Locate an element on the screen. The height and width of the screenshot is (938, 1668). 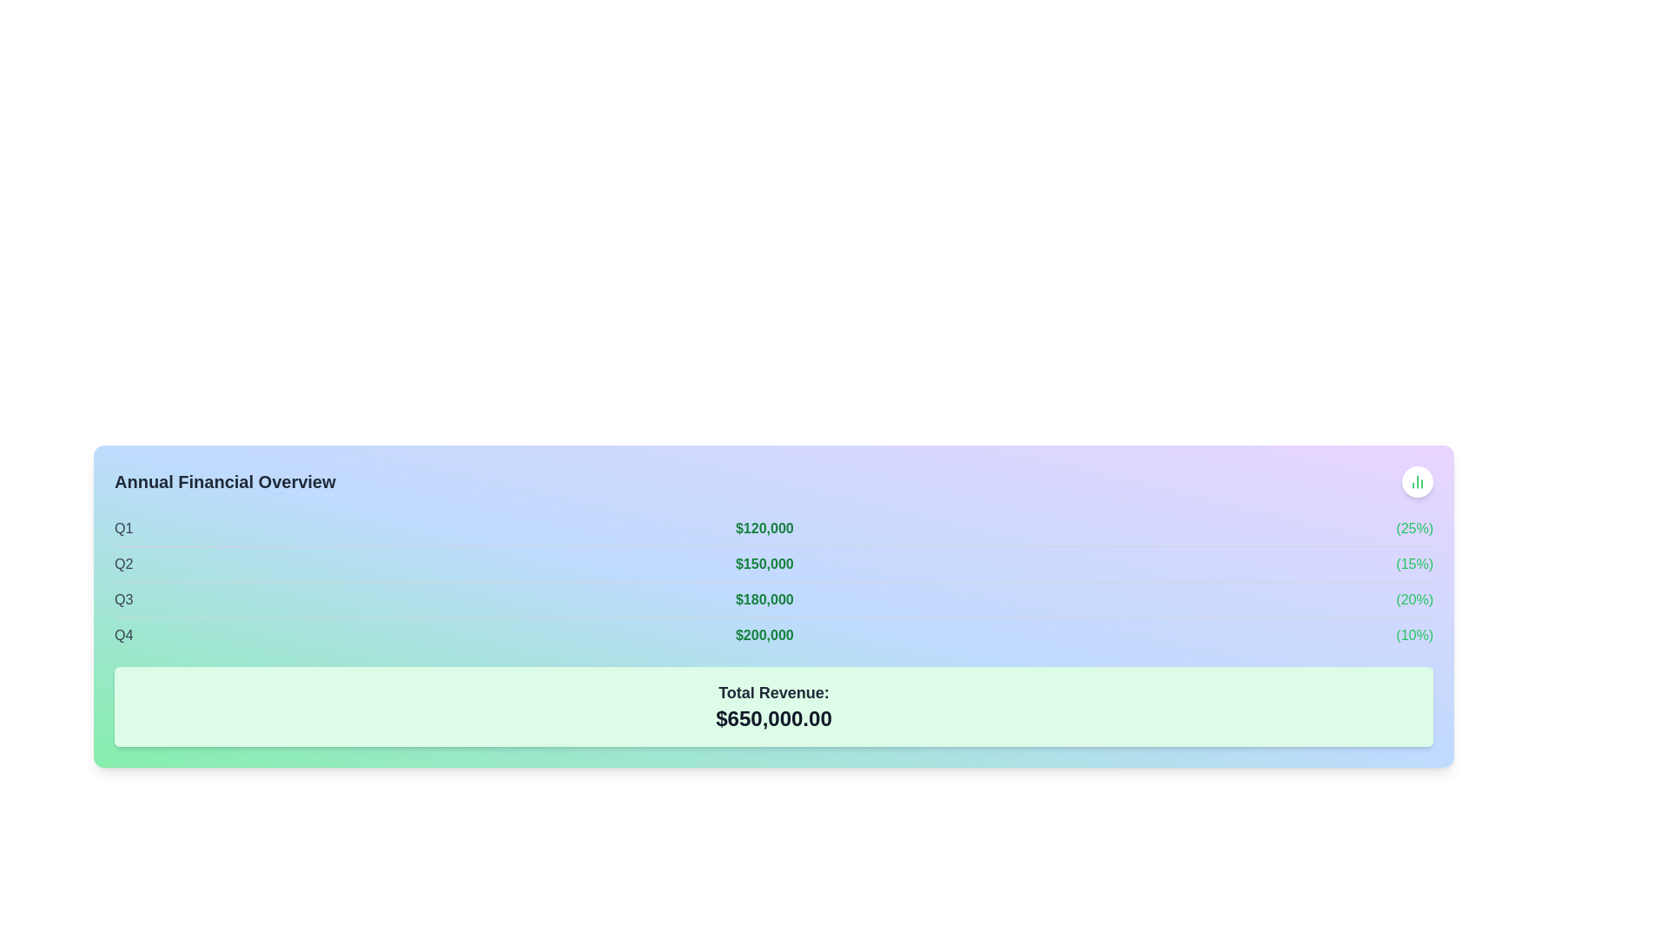
the Label/Text Display showing the financial value '$150,000' in bold green styling, which is positioned centrally between the 'Q2' label and the '(15%)' value in the financial summary interface is located at coordinates (764, 565).